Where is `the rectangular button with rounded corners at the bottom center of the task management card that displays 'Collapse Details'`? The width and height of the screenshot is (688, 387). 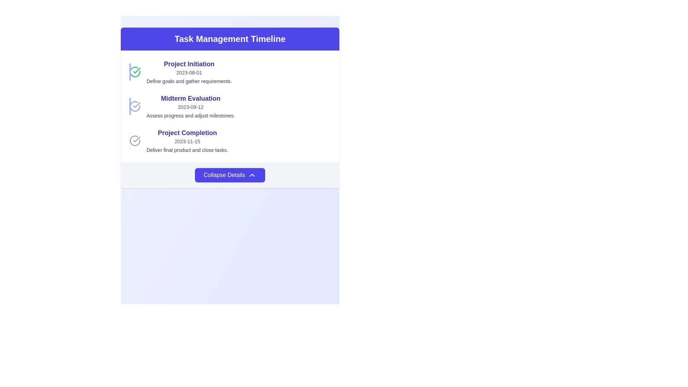
the rectangular button with rounded corners at the bottom center of the task management card that displays 'Collapse Details' is located at coordinates (230, 175).